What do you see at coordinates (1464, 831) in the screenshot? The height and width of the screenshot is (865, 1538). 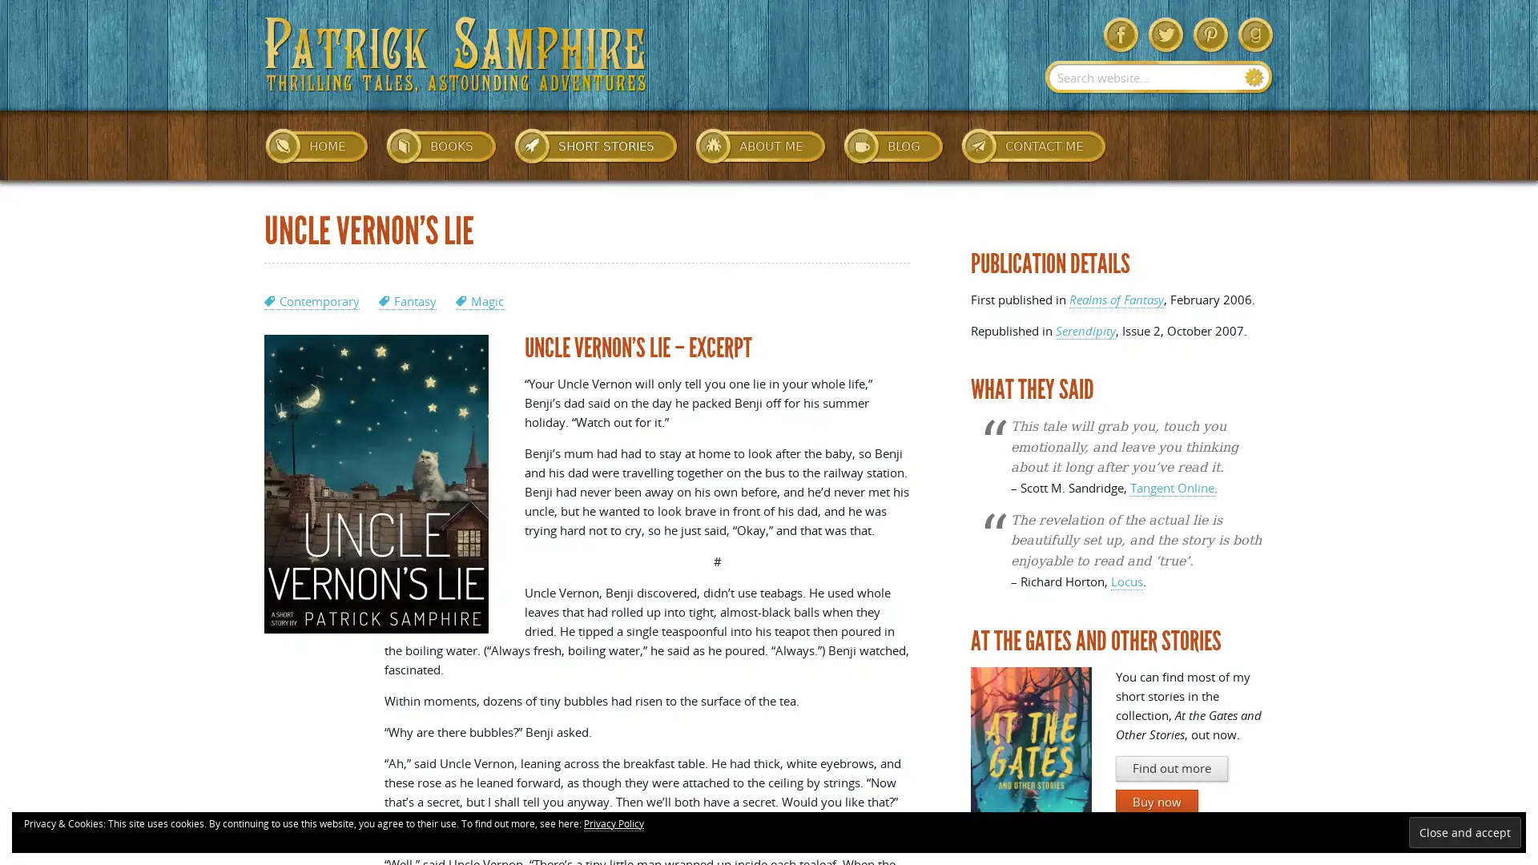 I see `Close and accept` at bounding box center [1464, 831].